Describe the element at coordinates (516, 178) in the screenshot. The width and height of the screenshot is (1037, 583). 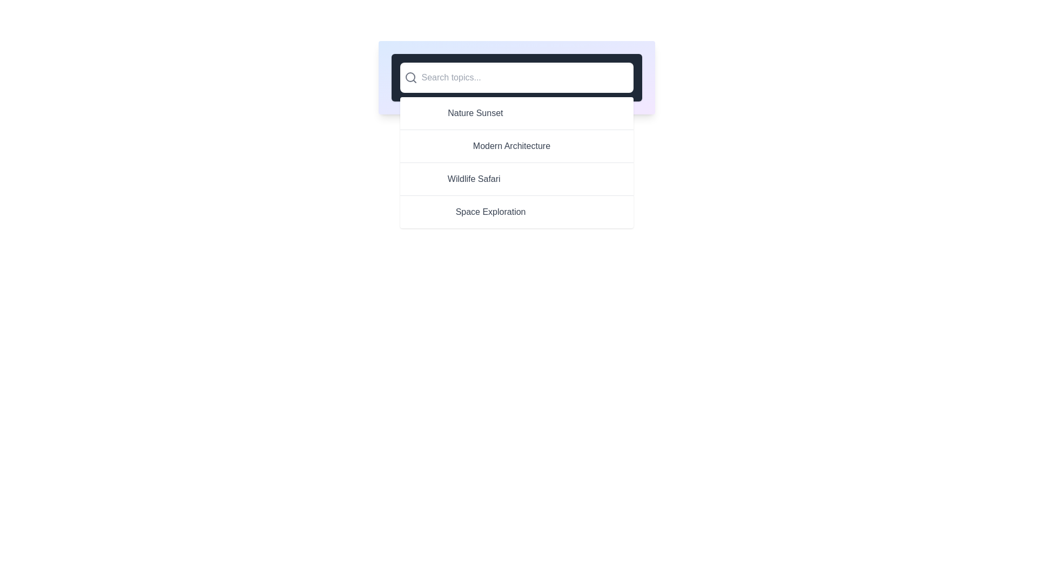
I see `the third list item representing the 'Wildlife Safari' option to trigger a hover effect` at that location.